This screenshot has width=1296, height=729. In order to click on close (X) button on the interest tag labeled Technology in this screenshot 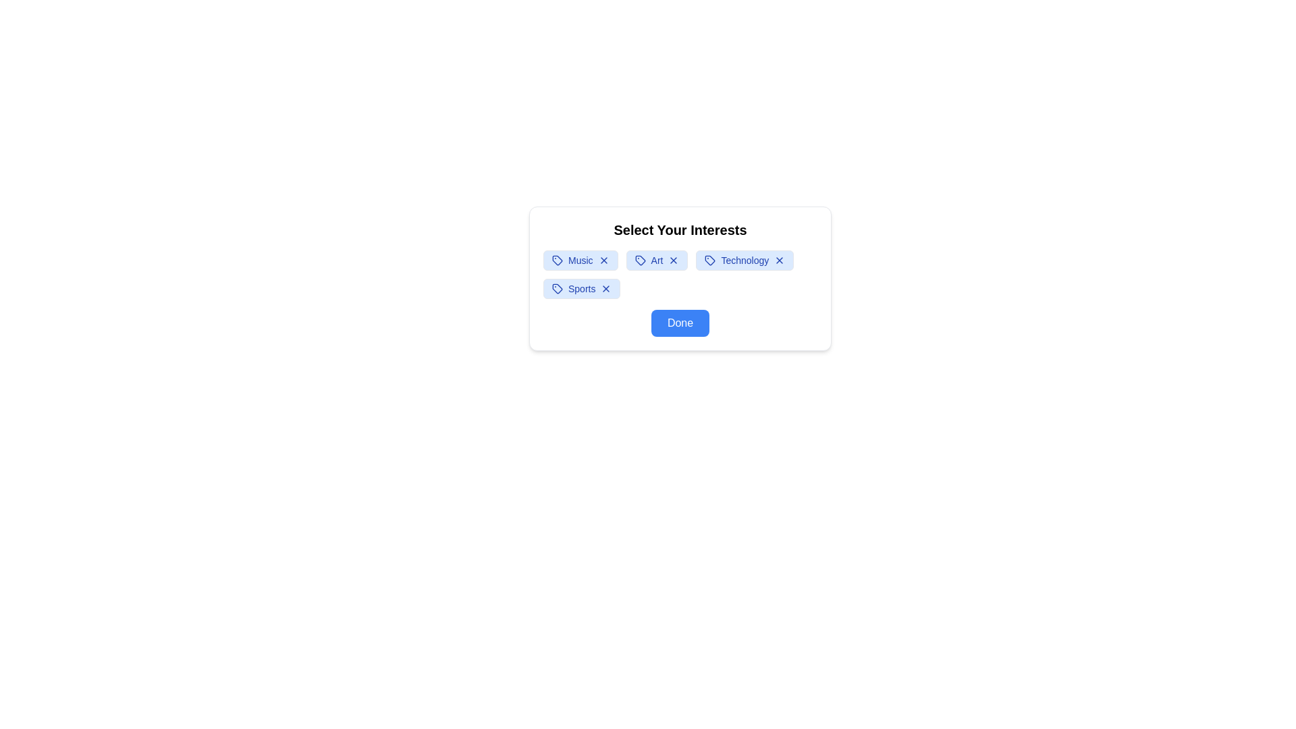, I will do `click(780, 260)`.